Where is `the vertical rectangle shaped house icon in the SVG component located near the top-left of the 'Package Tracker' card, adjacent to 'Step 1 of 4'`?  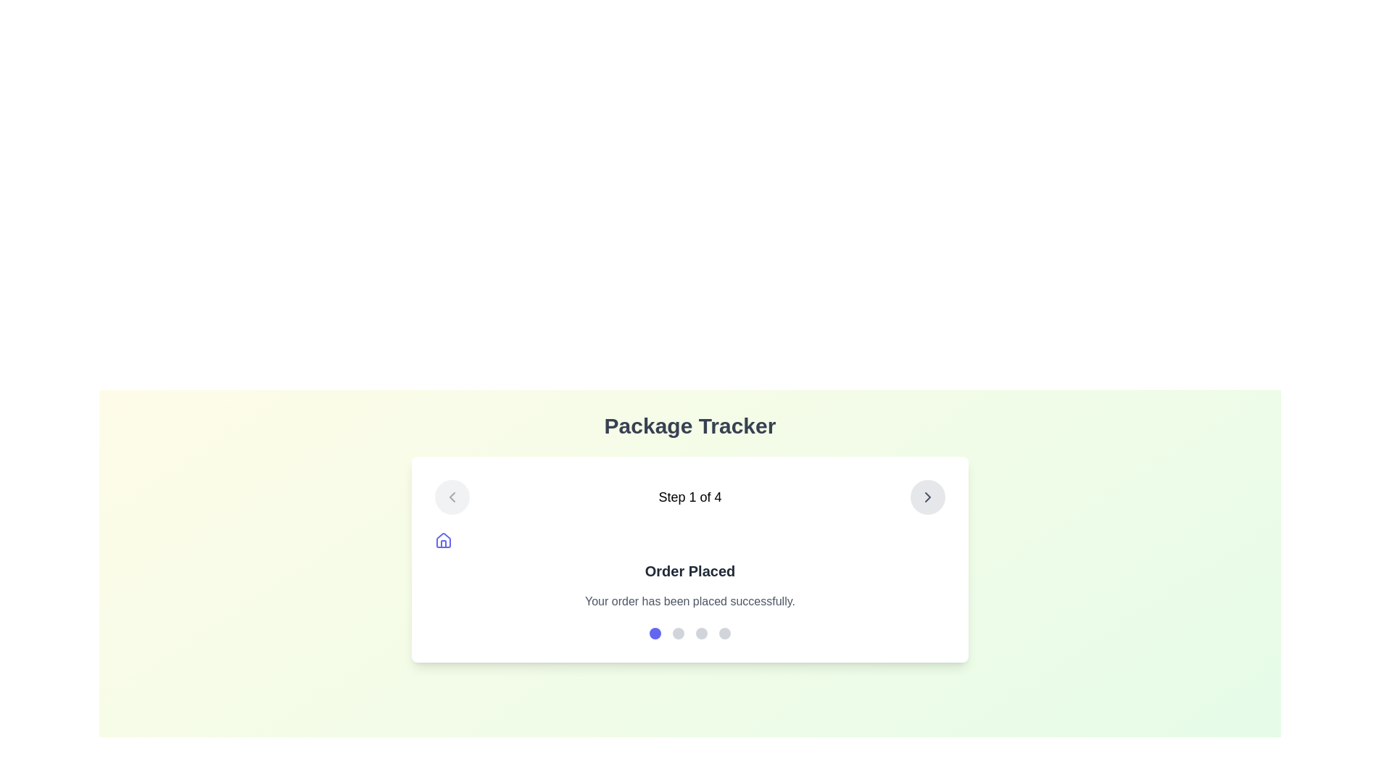
the vertical rectangle shaped house icon in the SVG component located near the top-left of the 'Package Tracker' card, adjacent to 'Step 1 of 4' is located at coordinates (442, 544).